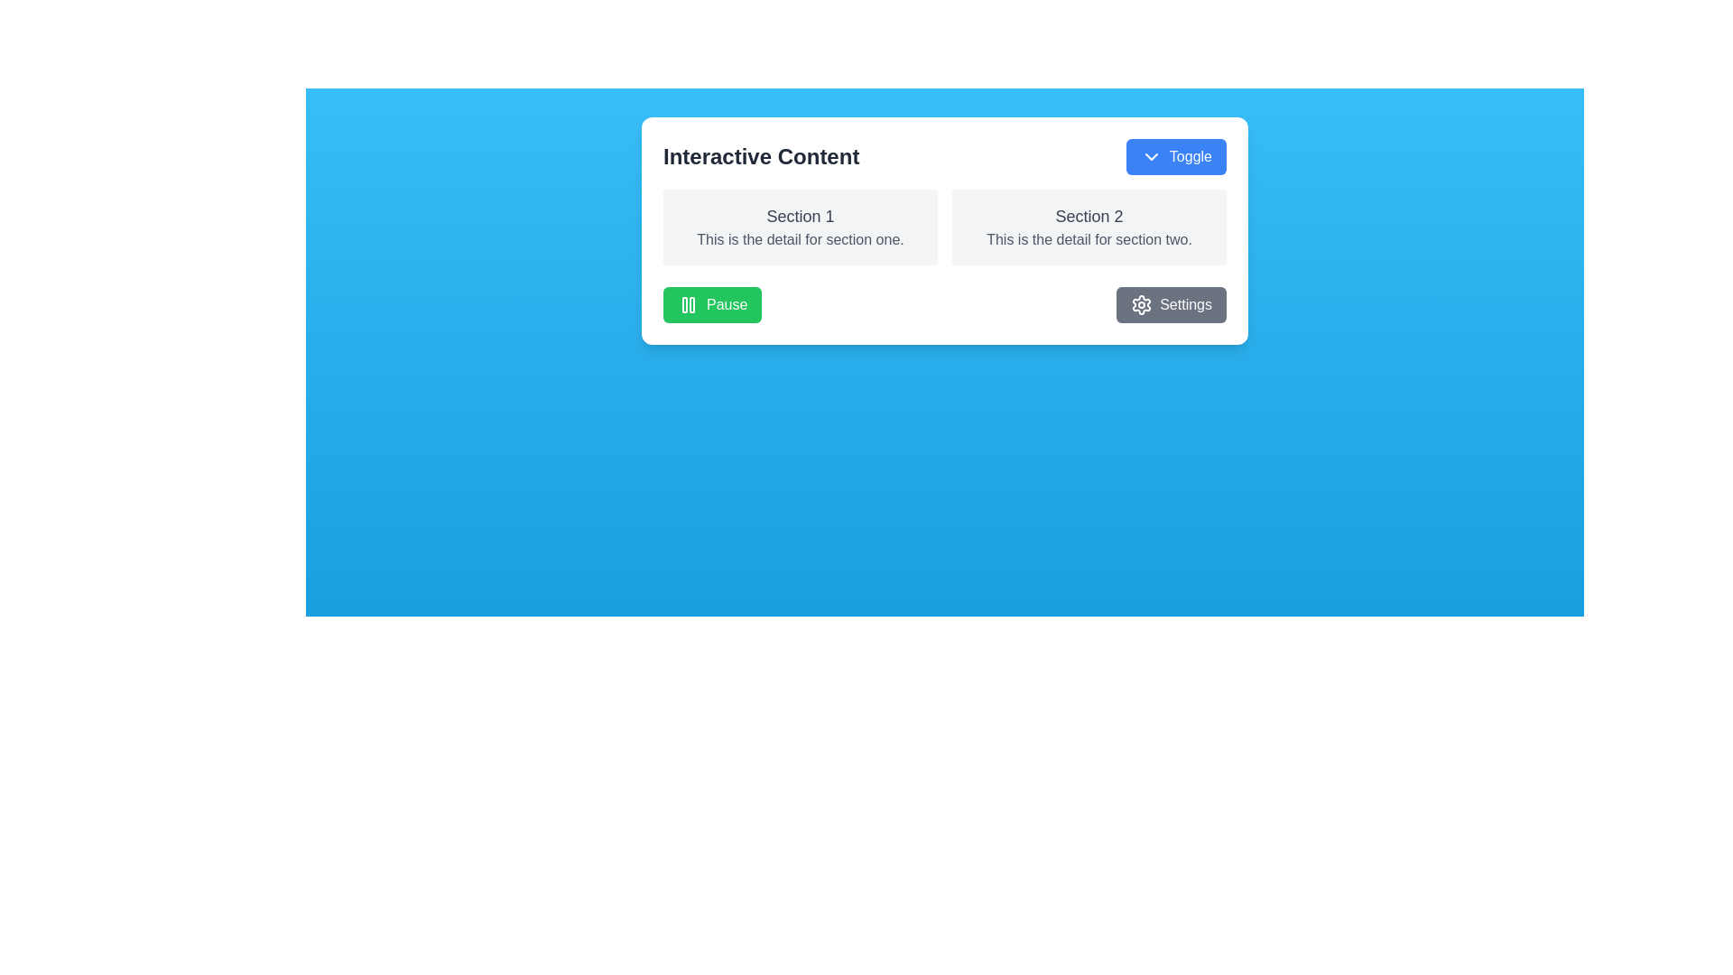 The image size is (1733, 975). Describe the element at coordinates (1141, 304) in the screenshot. I see `the settings icon located within the 'Settings' button in the bottom-right section of the visible card for accessibility features` at that location.